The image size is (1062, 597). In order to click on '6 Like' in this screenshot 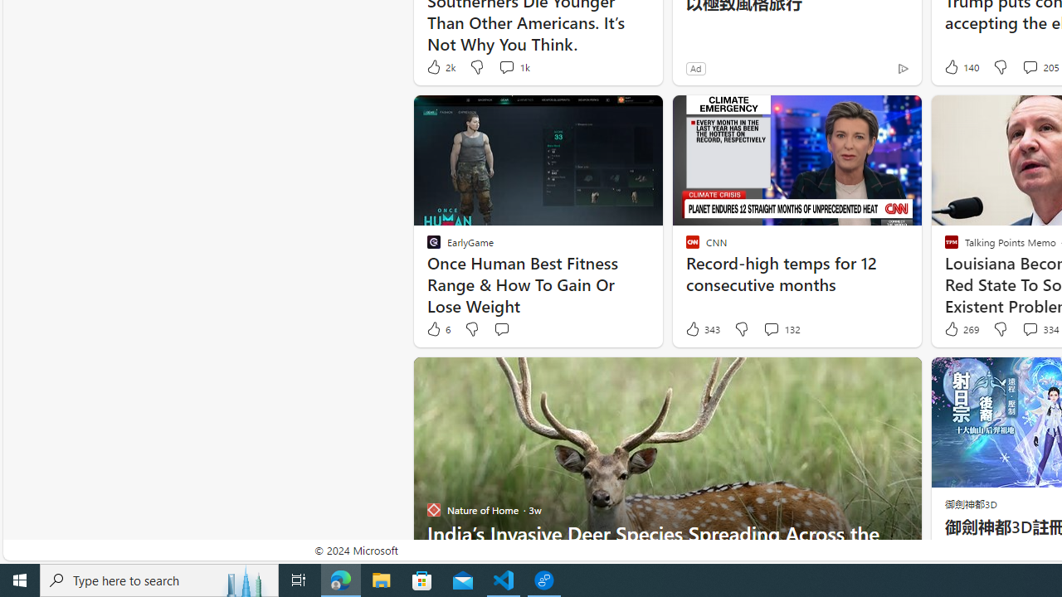, I will do `click(437, 329)`.